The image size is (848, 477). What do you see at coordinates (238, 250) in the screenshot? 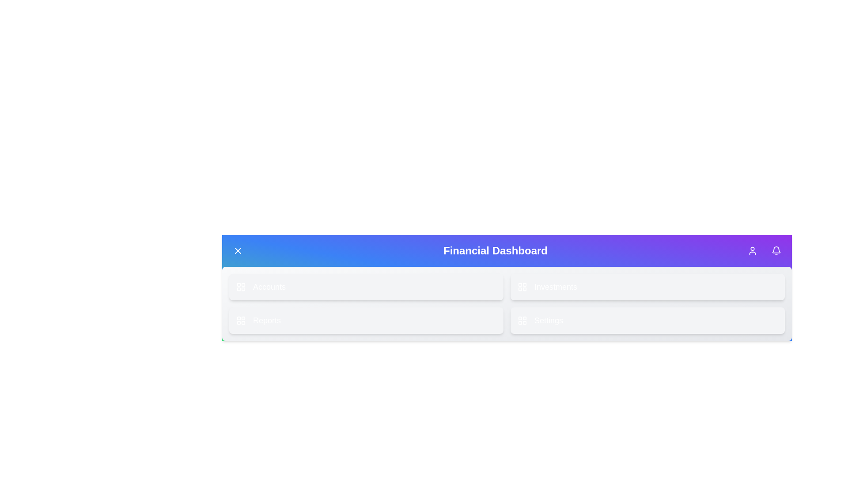
I see `close button to toggle the menu visibility` at bounding box center [238, 250].